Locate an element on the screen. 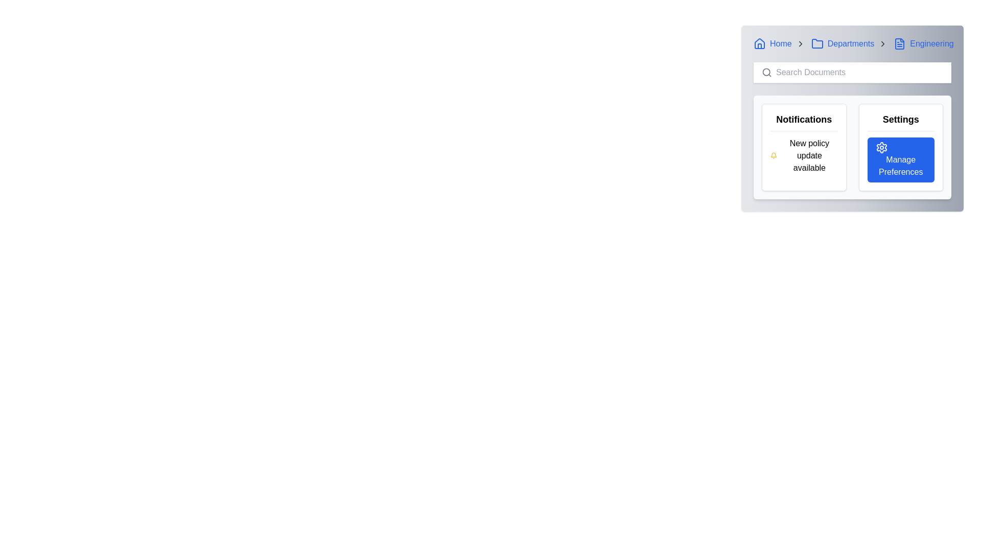 This screenshot has height=552, width=981. the 'Home' SVG icon in the breadcrumb navigation bar is located at coordinates (760, 43).